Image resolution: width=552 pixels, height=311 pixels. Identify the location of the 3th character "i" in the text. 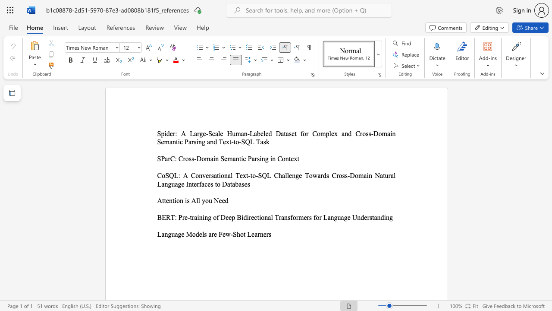
(178, 141).